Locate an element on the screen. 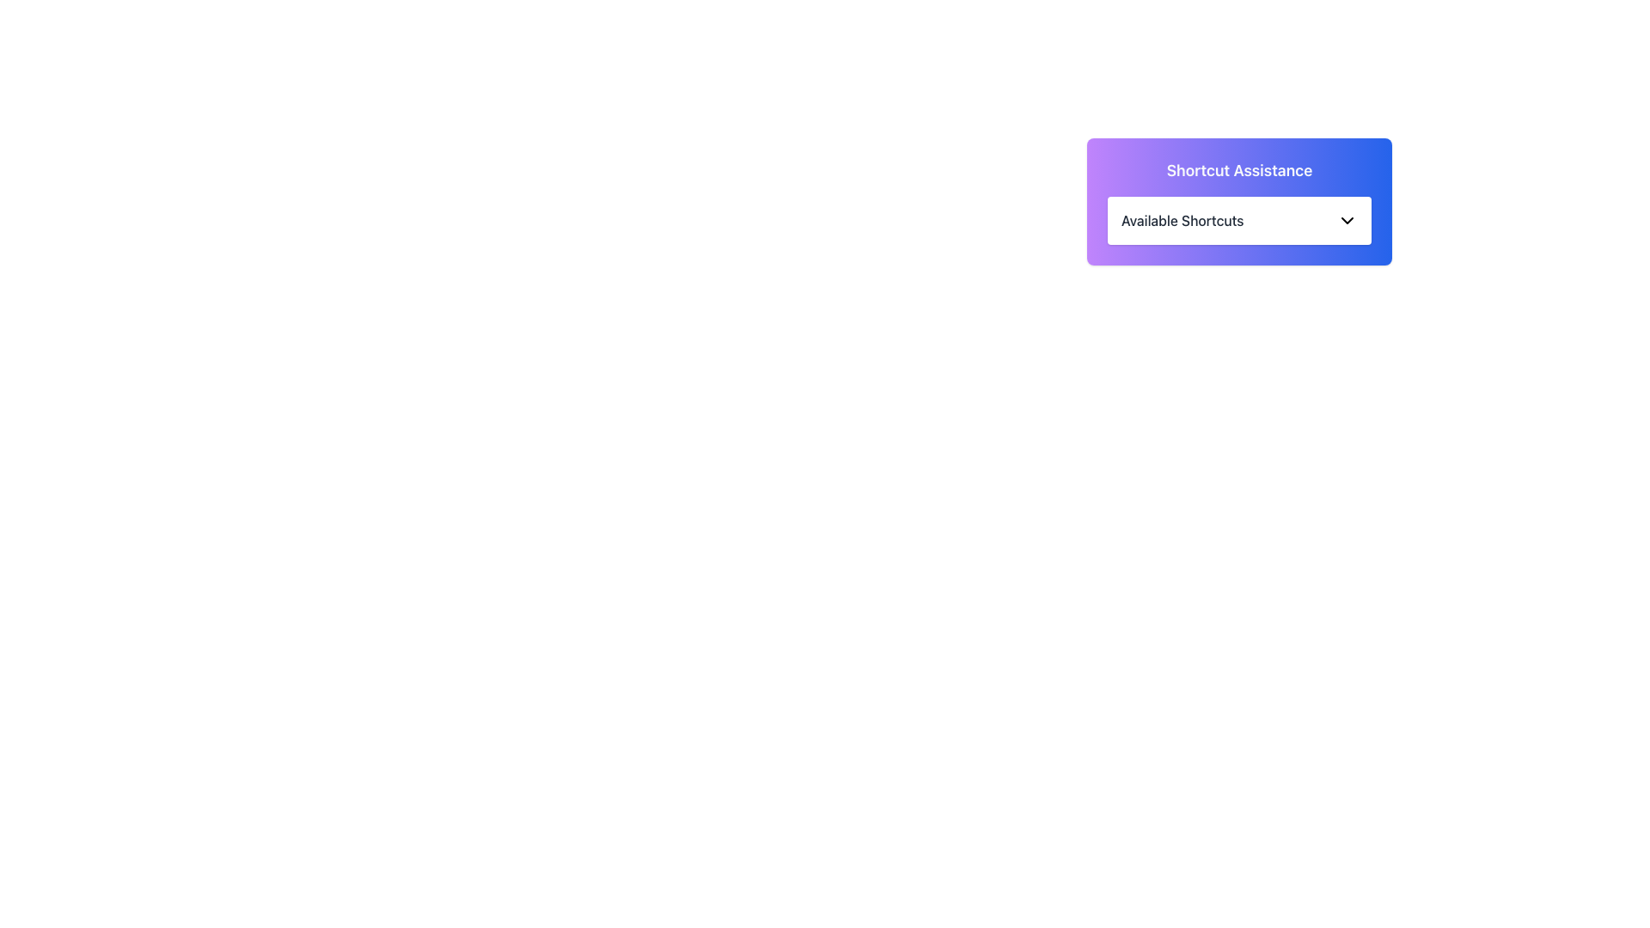 This screenshot has width=1650, height=928. the dropdown control icon represented by a chevron down symbol located in the top-right corner of the 'Available Shortcuts' section is located at coordinates (1347, 220).